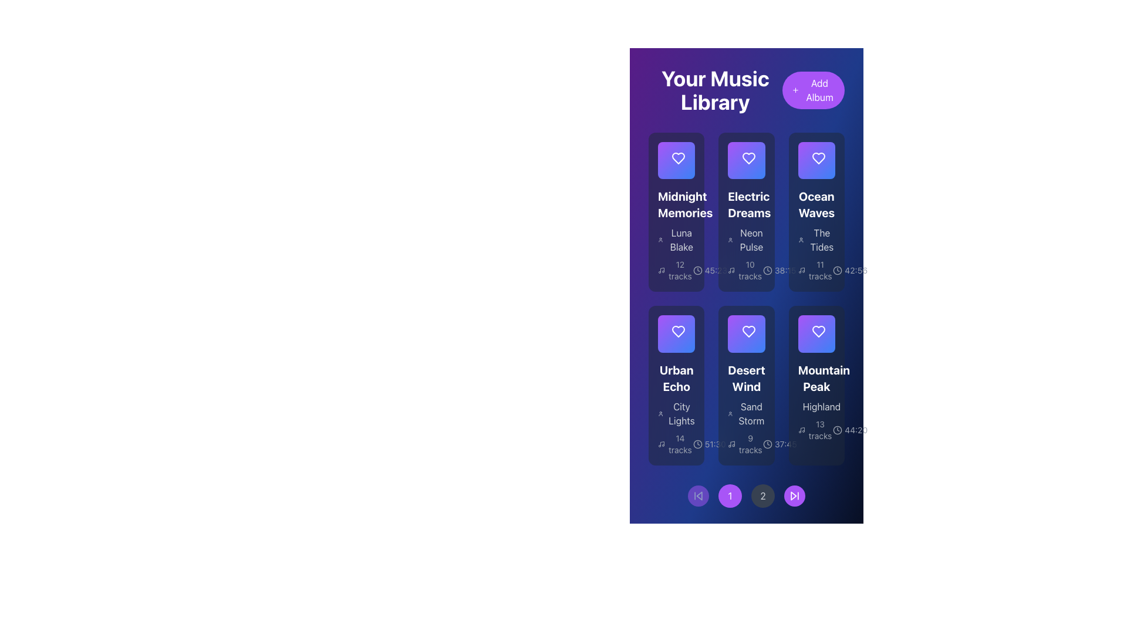  What do you see at coordinates (821, 240) in the screenshot?
I see `the text label that identifies the album named 'The Tides' within the 'Ocean Waves' card, located in the top row, third column of the album grid` at bounding box center [821, 240].